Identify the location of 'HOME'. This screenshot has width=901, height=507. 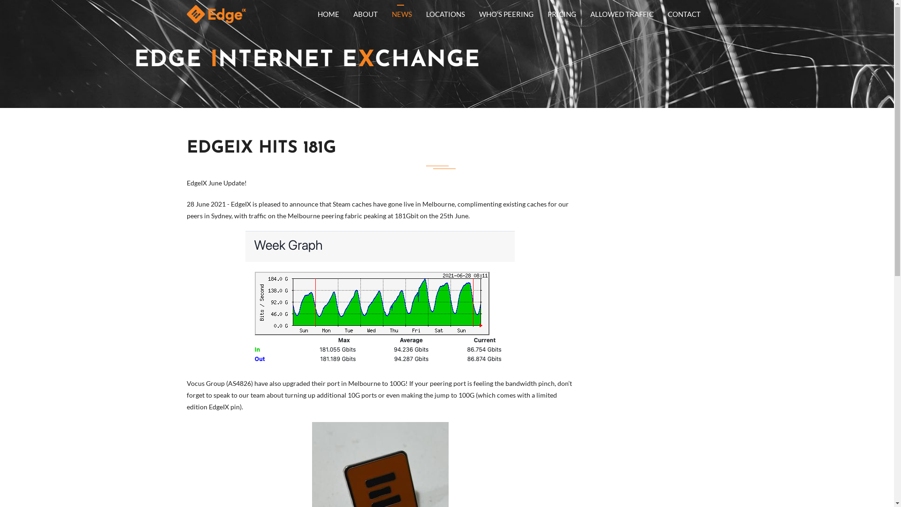
(311, 14).